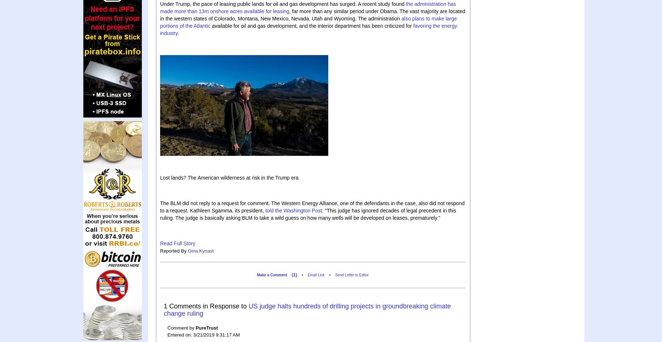 The image size is (662, 342). Describe the element at coordinates (160, 250) in the screenshot. I see `'Reported By'` at that location.